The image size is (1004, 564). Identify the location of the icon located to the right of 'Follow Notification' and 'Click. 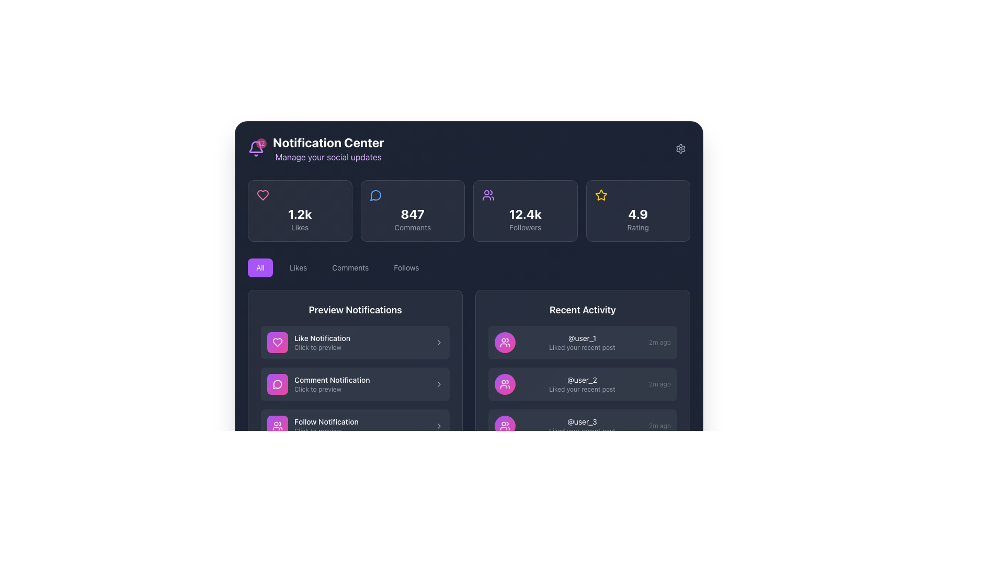
(439, 426).